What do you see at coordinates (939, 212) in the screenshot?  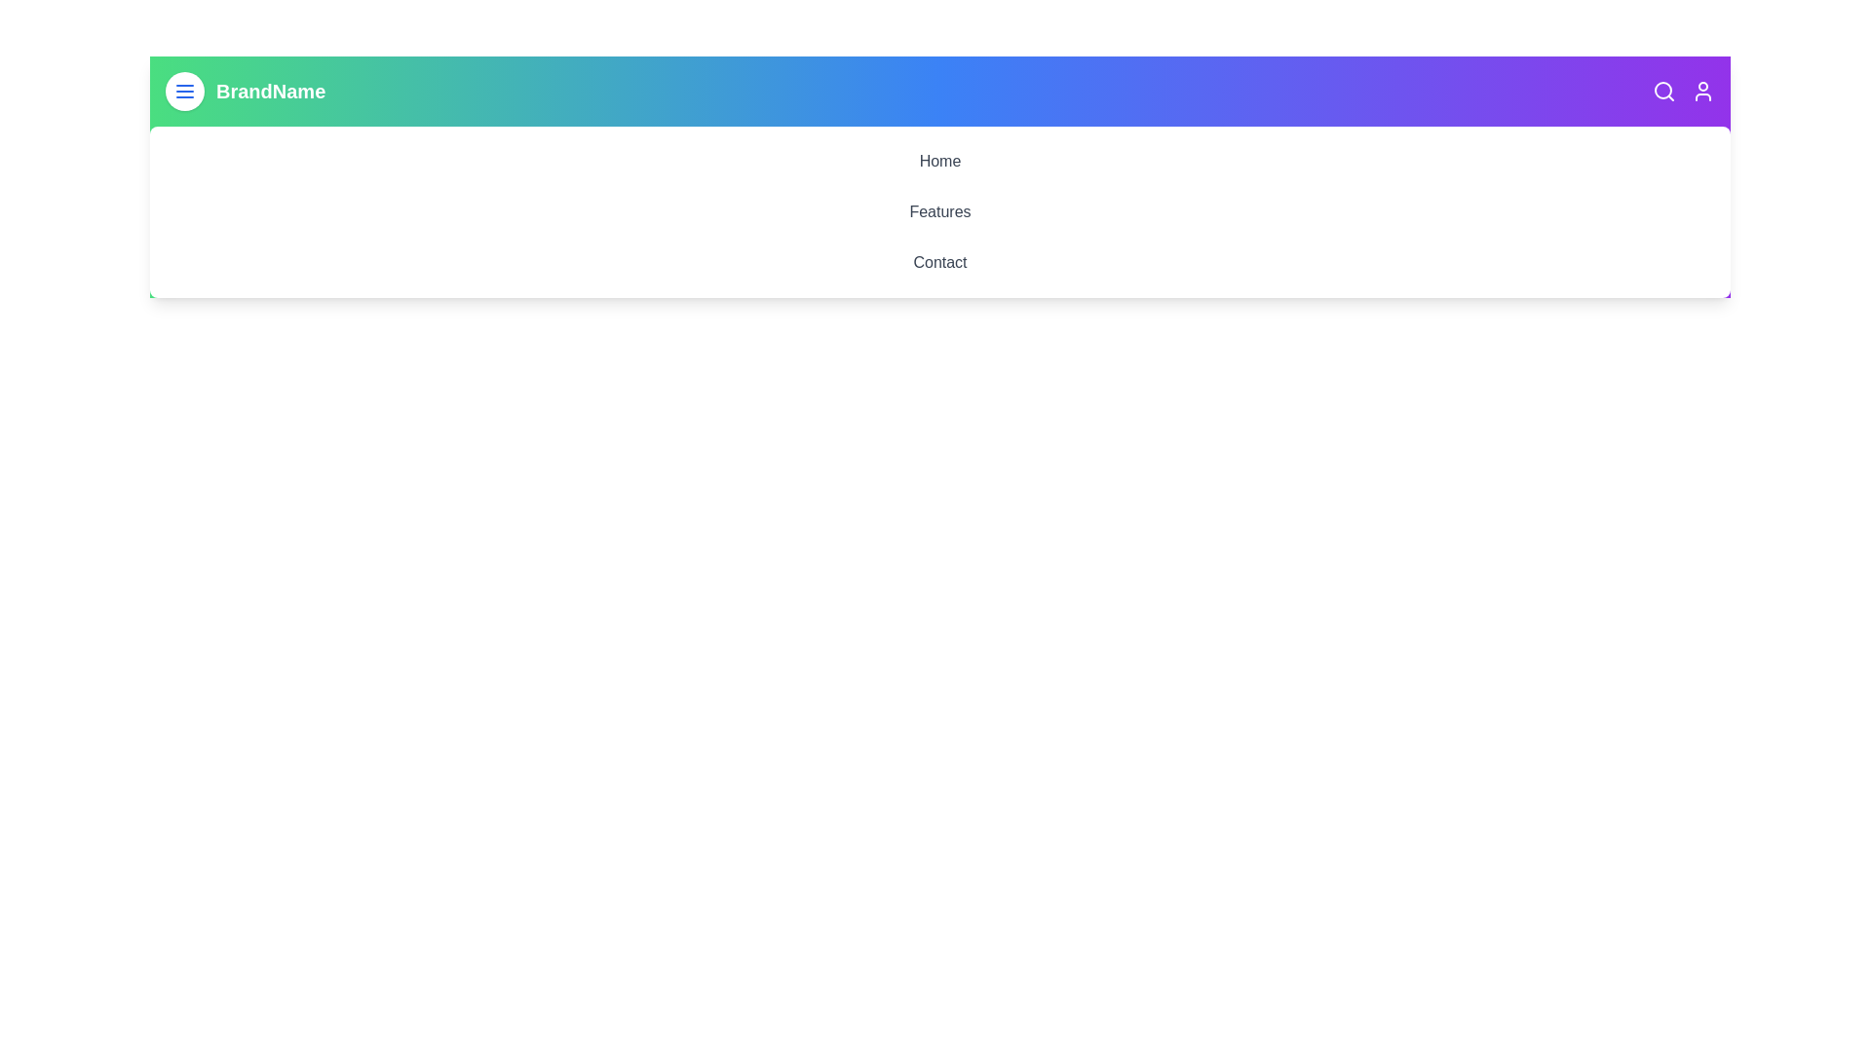 I see `the 'Features' menu item` at bounding box center [939, 212].